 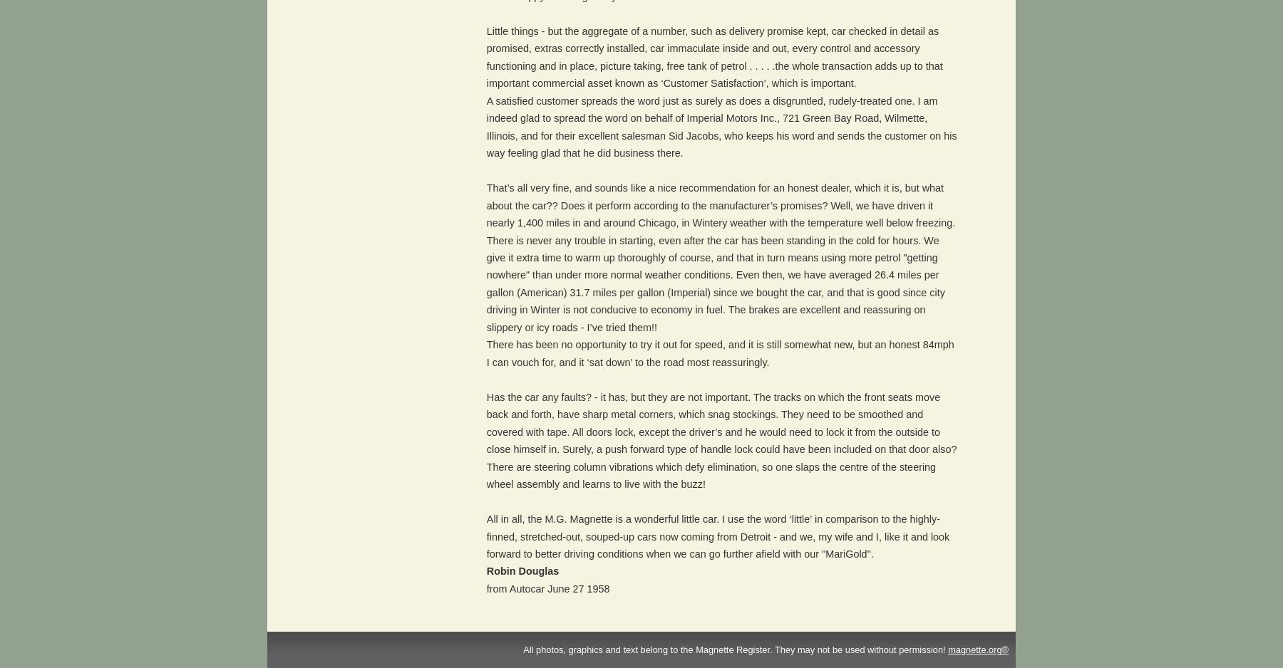 I want to click on 'Little things - but the aggregate of a number, such as delivery promise kept, car checked in detail as promised, extras correctly installed, car immaculate inside and out, every control and accessory functioning and in place, picture taking, free tank of petrol . . . . .the whole transaction adds up to that important commercial asset known as ‘Customer Satisfaction’, which is important.', so click(x=485, y=57).